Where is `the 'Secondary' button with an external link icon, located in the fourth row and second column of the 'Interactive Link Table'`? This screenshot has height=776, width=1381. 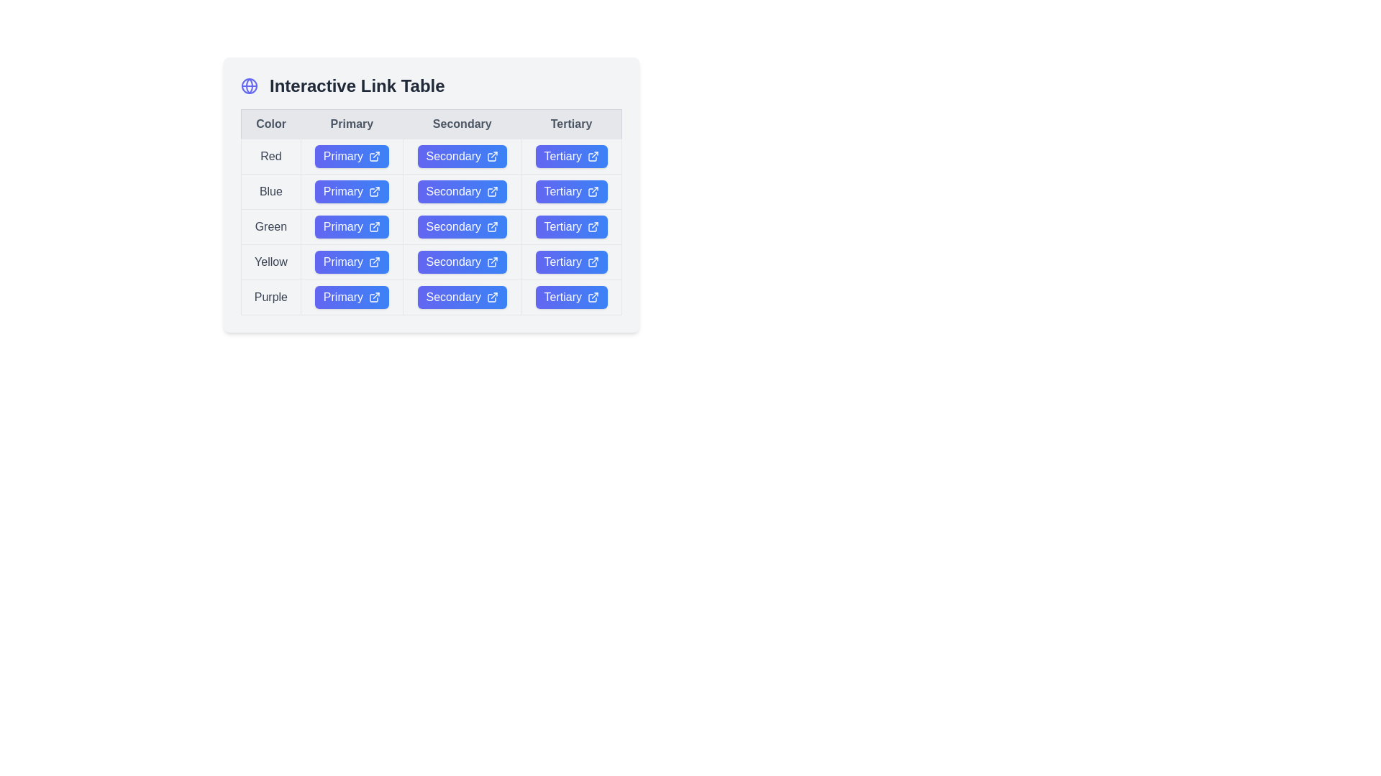
the 'Secondary' button with an external link icon, located in the fourth row and second column of the 'Interactive Link Table' is located at coordinates (462, 262).